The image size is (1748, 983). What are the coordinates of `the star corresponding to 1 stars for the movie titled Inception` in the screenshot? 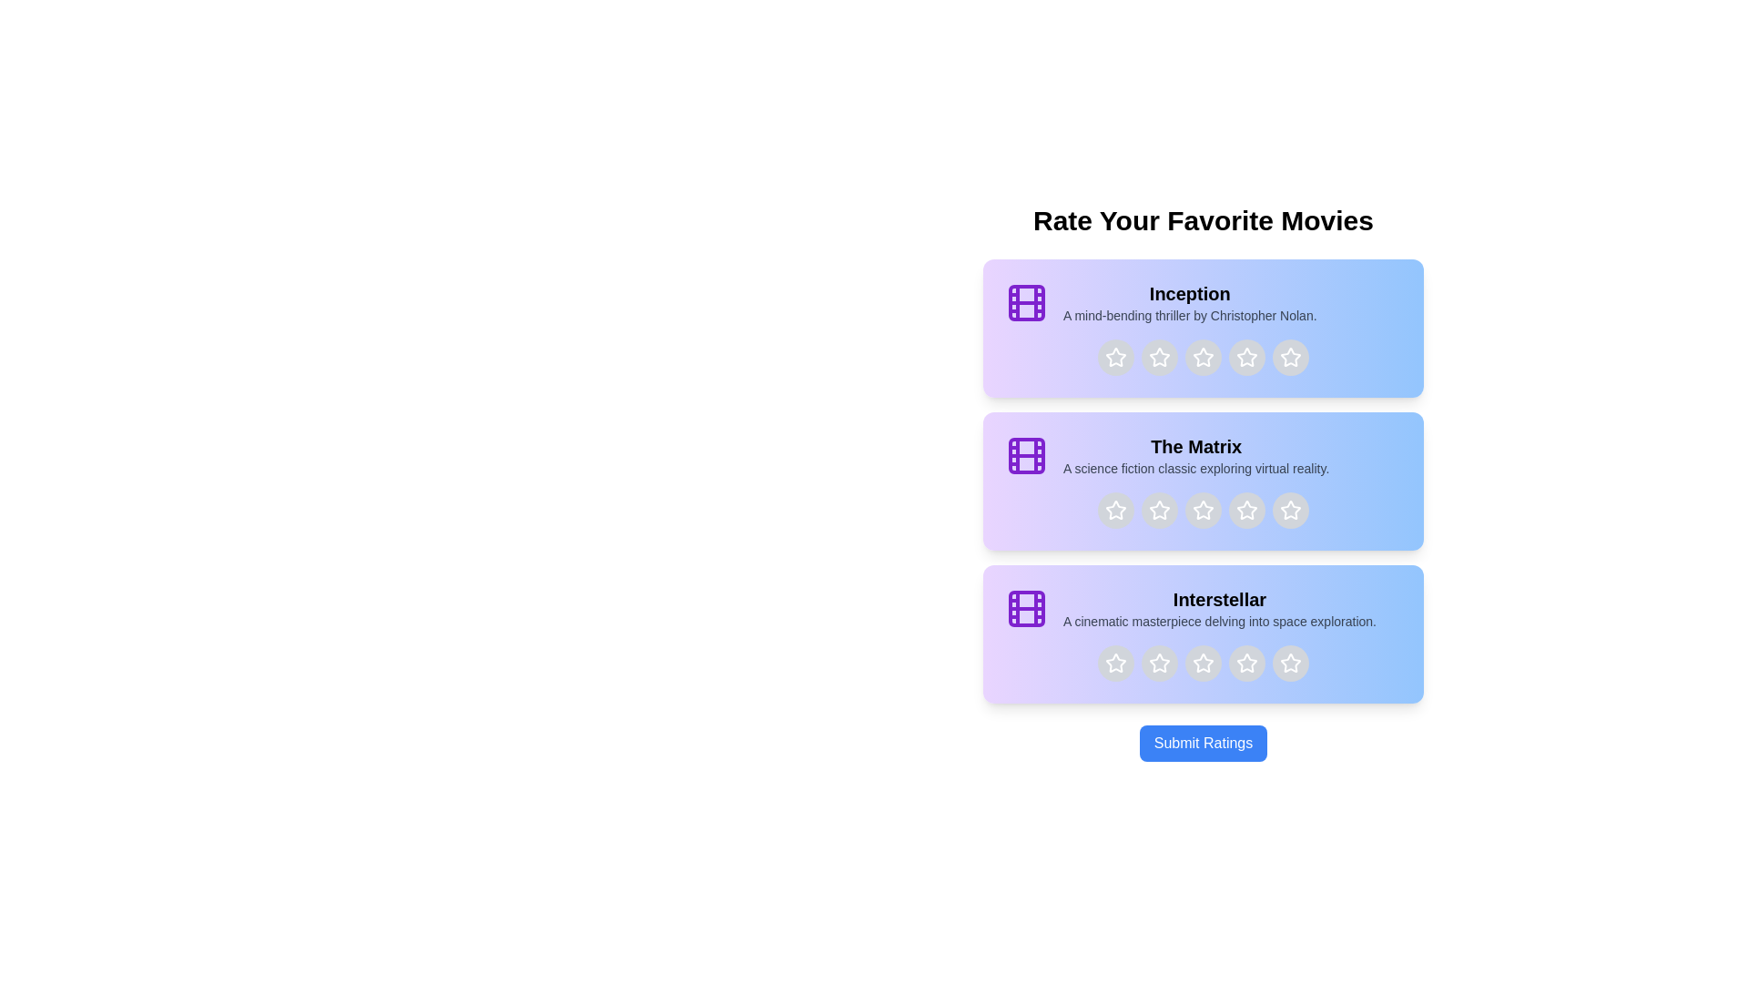 It's located at (1114, 358).